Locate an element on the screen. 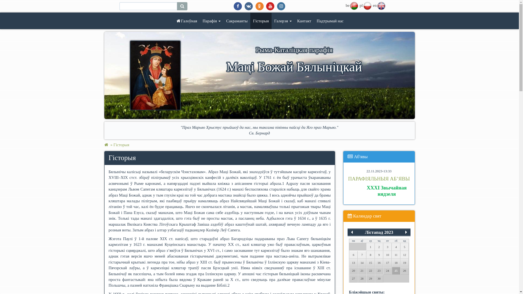 This screenshot has height=294, width=523. '2' is located at coordinates (379, 247).